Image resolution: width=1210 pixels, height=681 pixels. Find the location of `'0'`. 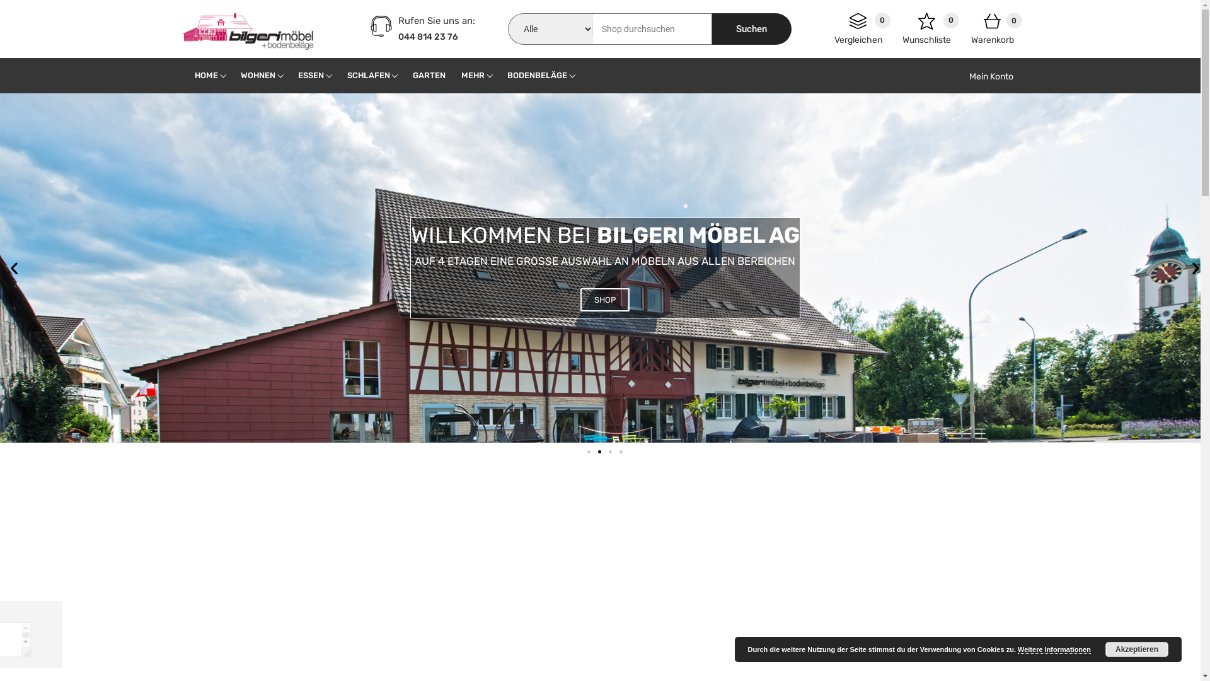

'0' is located at coordinates (858, 23).